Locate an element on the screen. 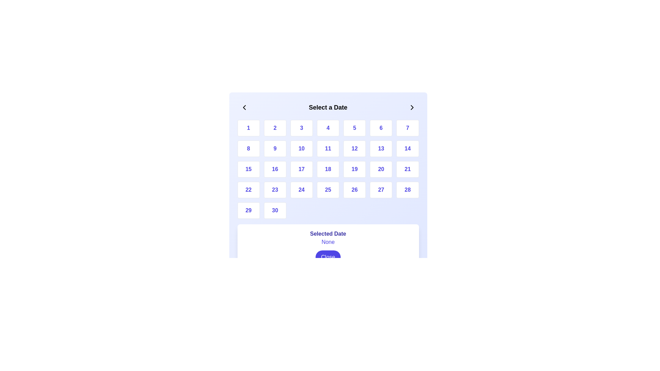 This screenshot has width=660, height=371. the button labeled '30' which is a square block with rounded corners and a white background is located at coordinates (275, 210).